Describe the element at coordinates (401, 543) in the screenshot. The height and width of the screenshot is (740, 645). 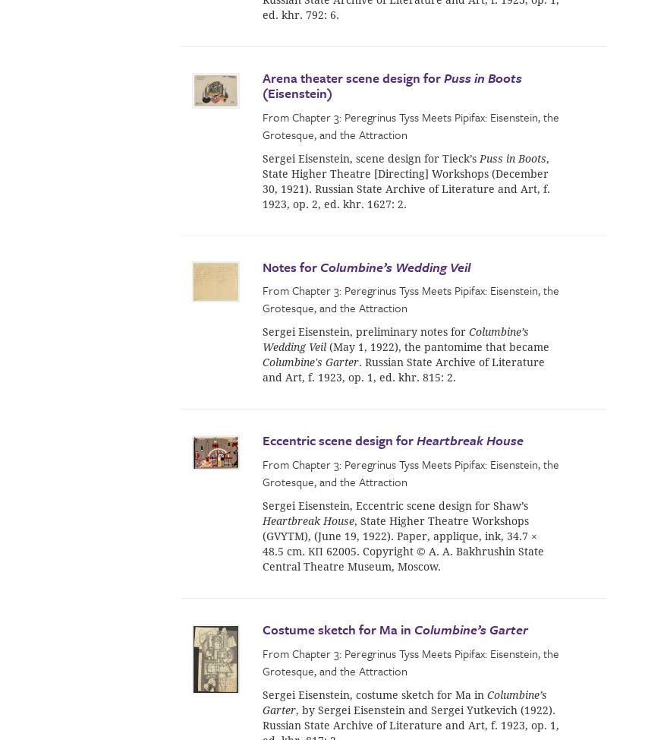
I see `', State Higher Theatre Workshops (GVYTM), (June 19, 1922).  Paper, applique, ink, 34.7 × 48.5 cm. КП 62005. Copyright © A. A. Bakhrushin State Central Theatre Museum, Moscow.'` at that location.